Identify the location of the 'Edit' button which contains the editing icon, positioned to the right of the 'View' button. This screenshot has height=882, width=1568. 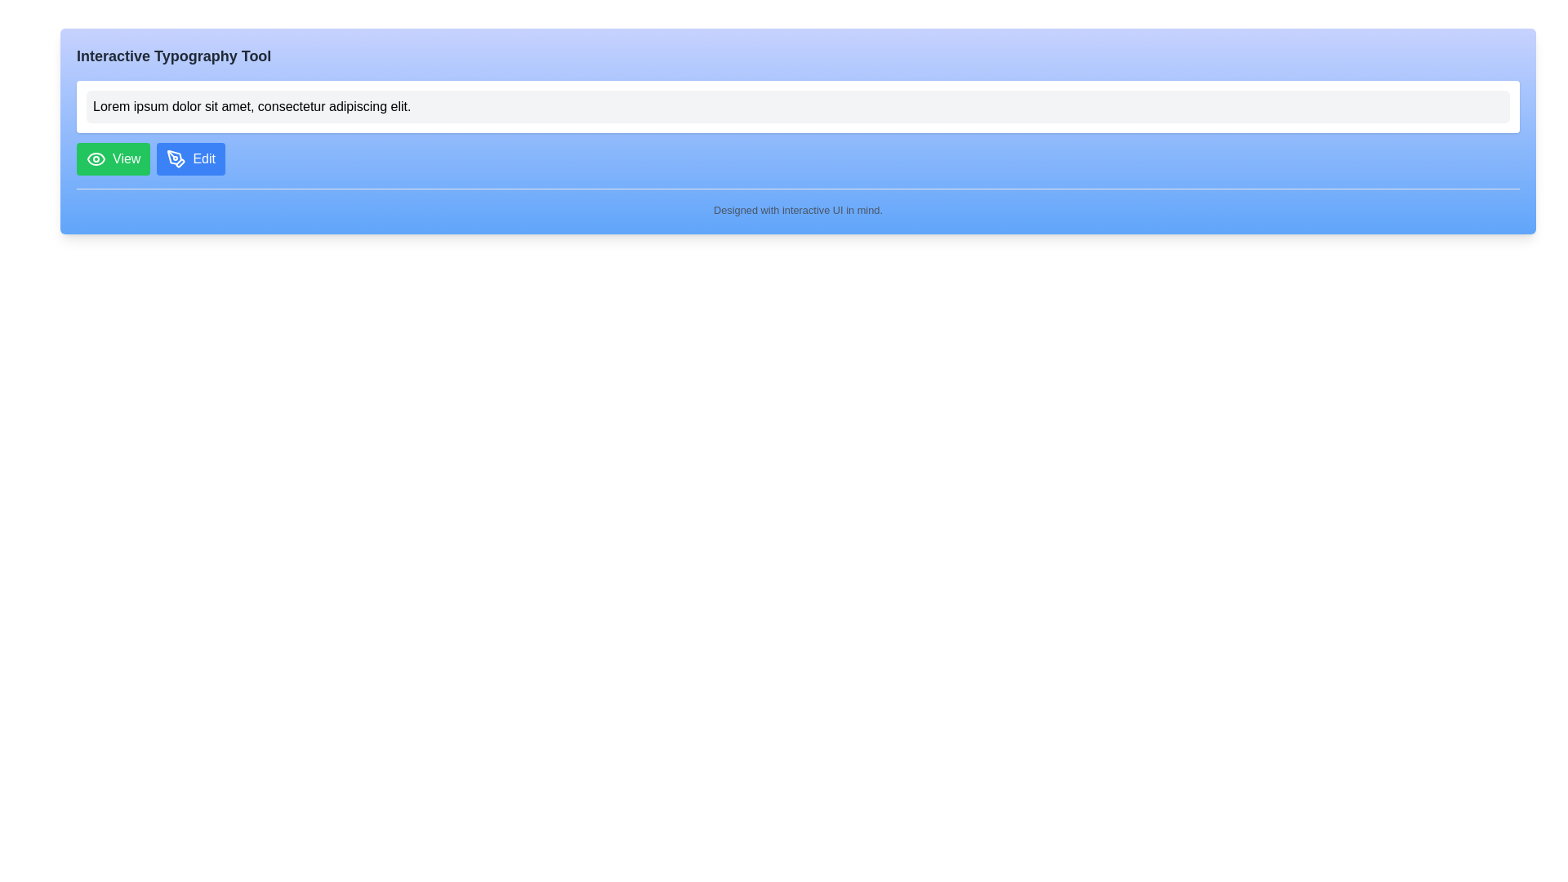
(176, 159).